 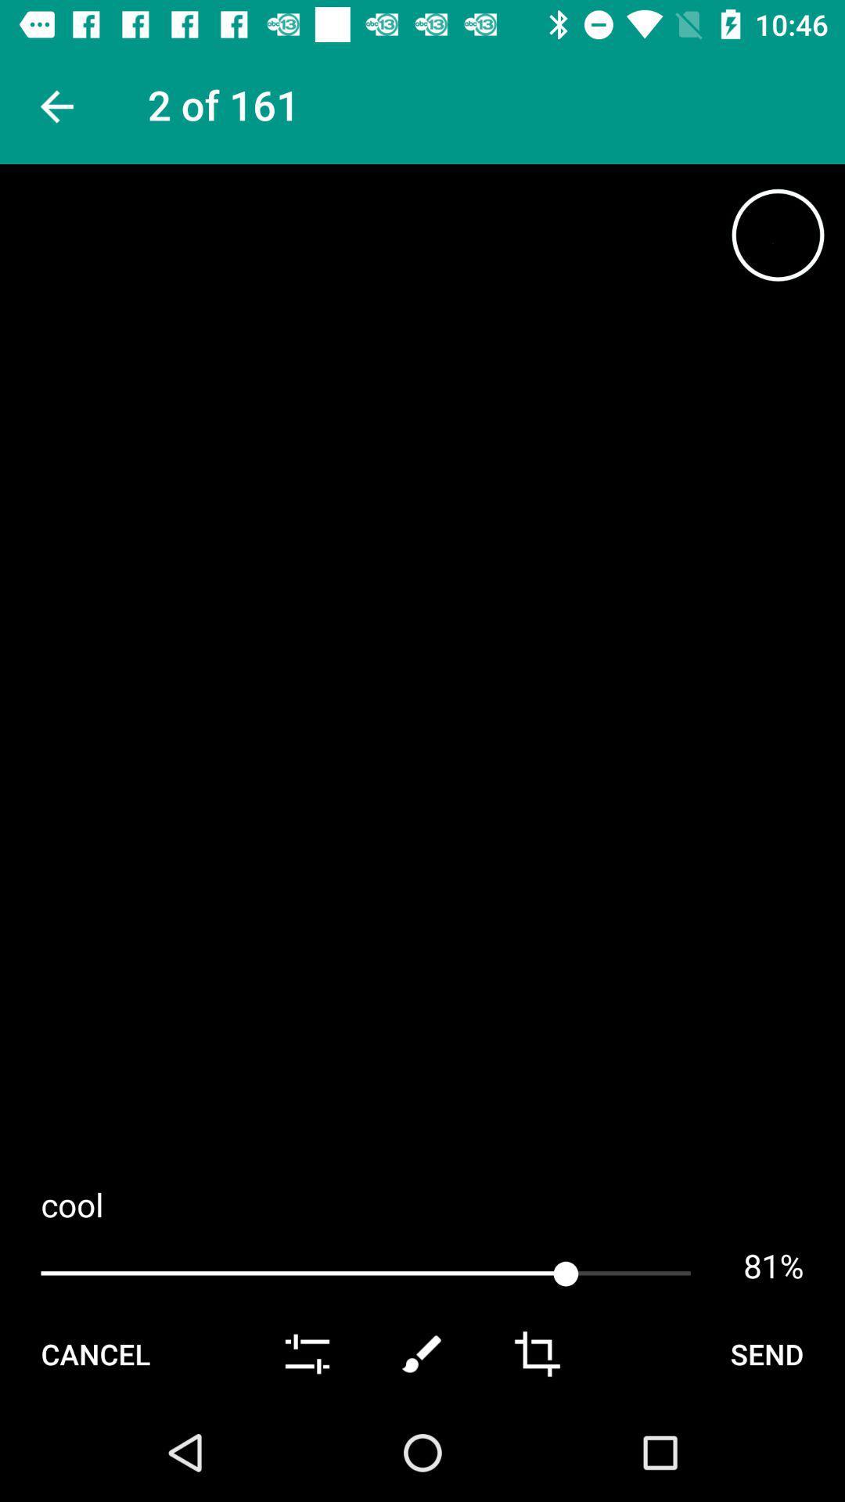 I want to click on the item next to the send app, so click(x=536, y=1353).